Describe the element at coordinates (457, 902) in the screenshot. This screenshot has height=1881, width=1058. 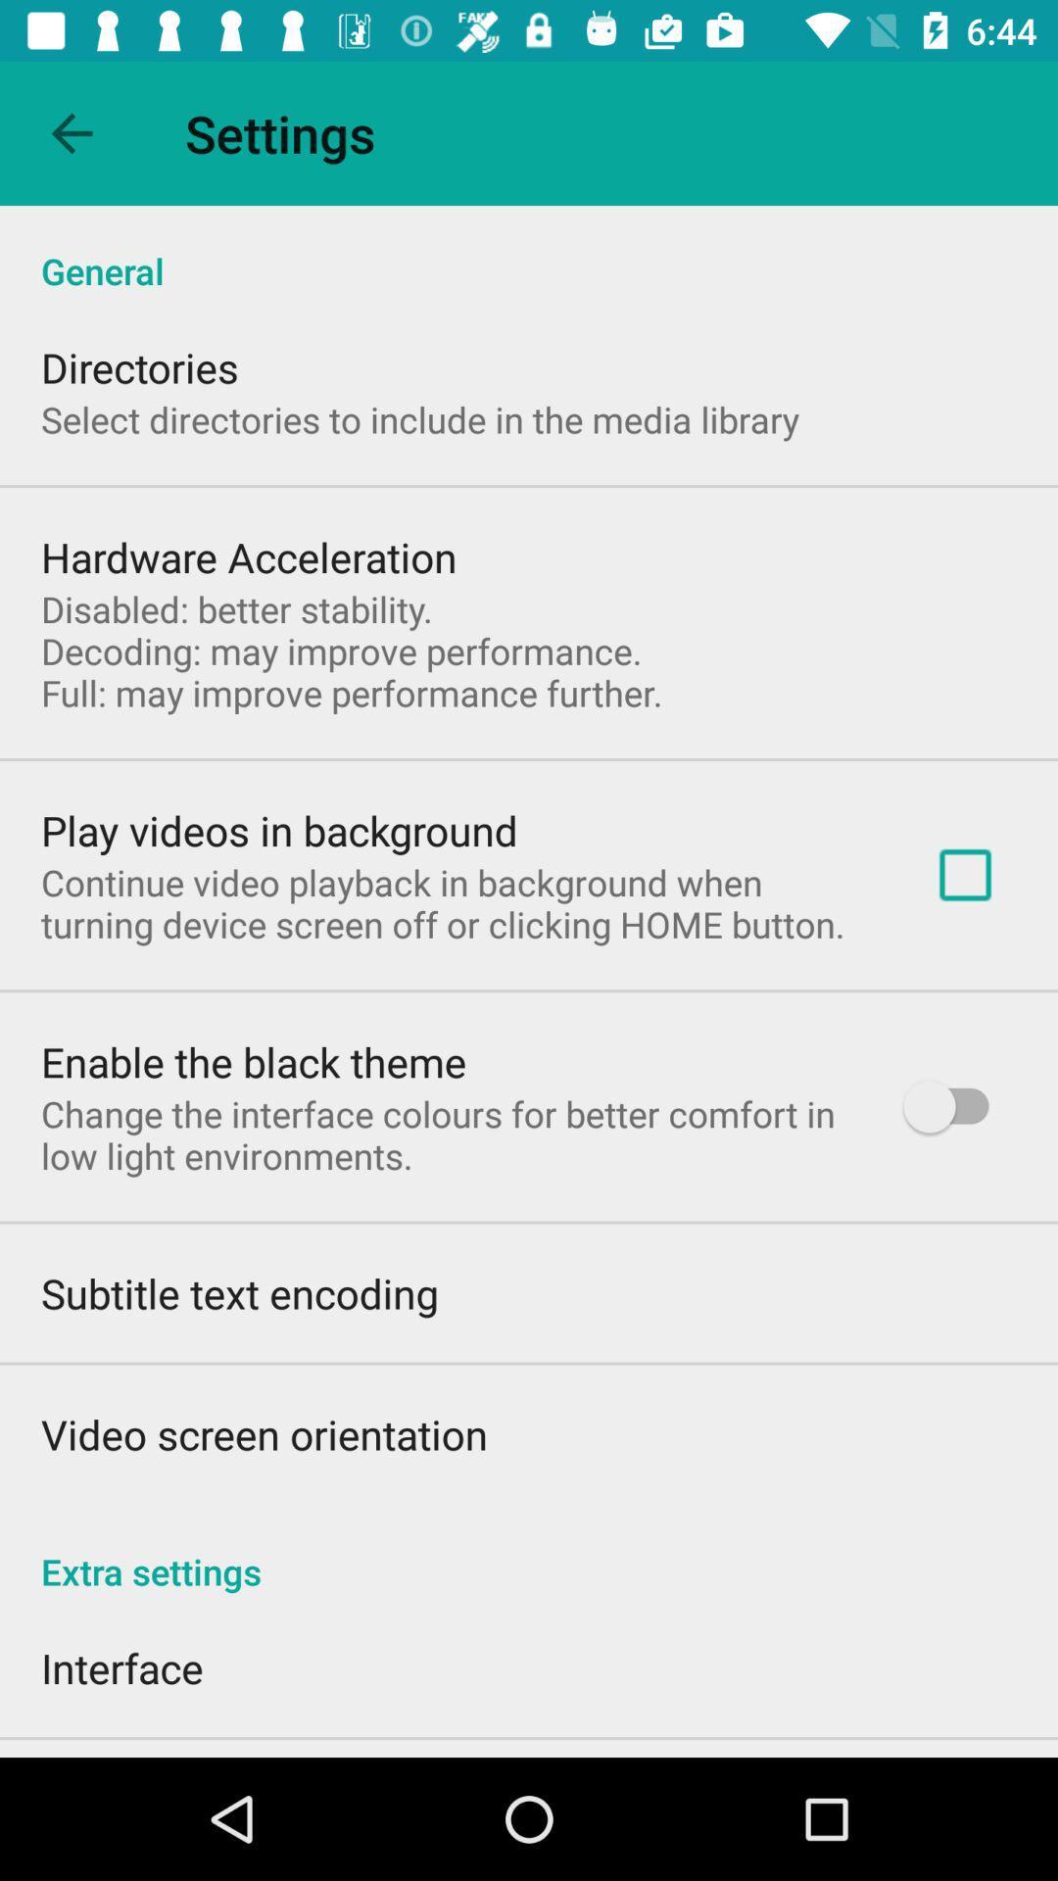
I see `continue video playback` at that location.